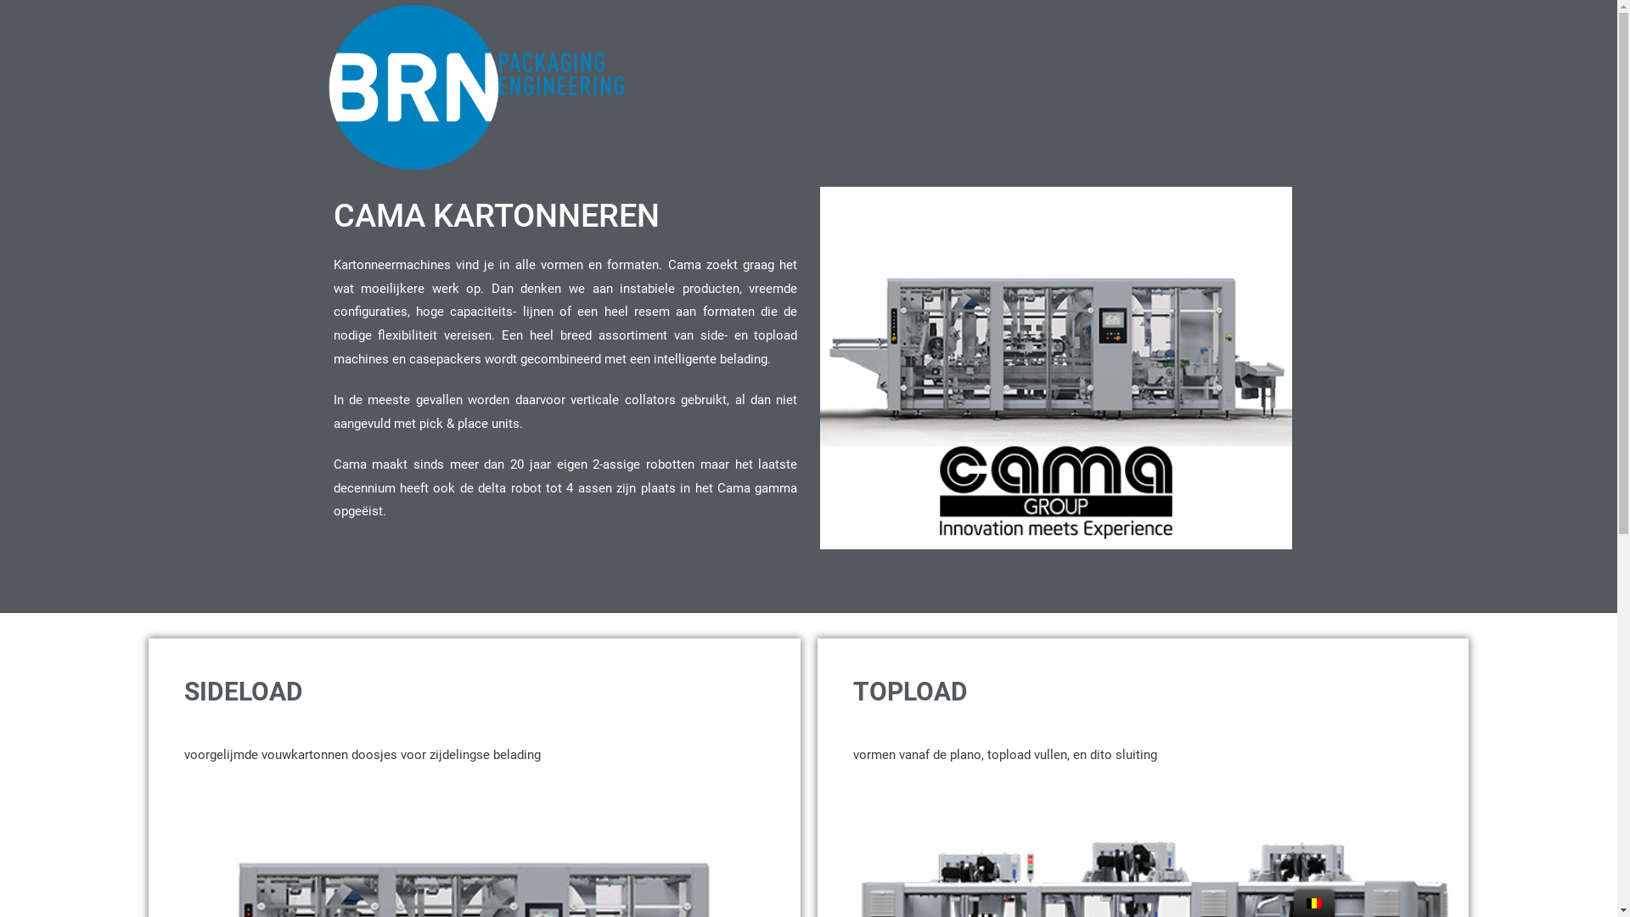 This screenshot has width=1630, height=917. Describe the element at coordinates (701, 61) in the screenshot. I see `'HOME'` at that location.